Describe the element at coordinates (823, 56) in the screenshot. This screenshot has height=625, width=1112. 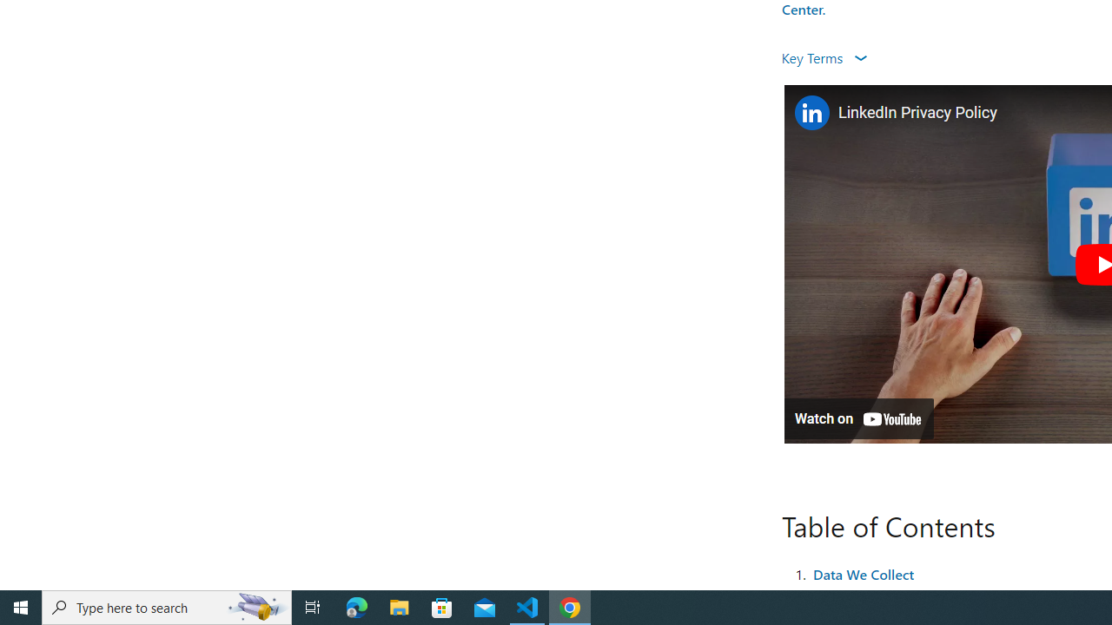
I see `'Key Terms '` at that location.